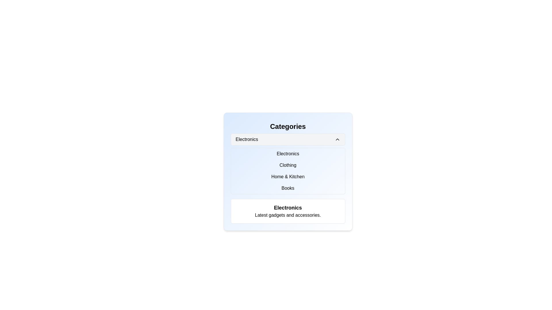 The width and height of the screenshot is (552, 310). Describe the element at coordinates (247, 139) in the screenshot. I see `the 'Electronics' static text label, which is presented in a bold font and located in the upper section of the 'Categories' panel` at that location.